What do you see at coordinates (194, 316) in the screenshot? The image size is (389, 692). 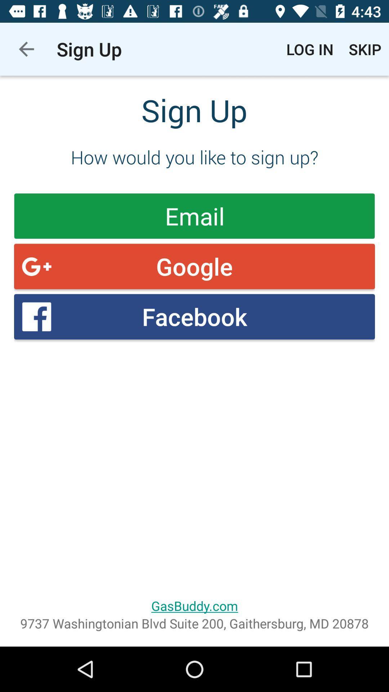 I see `the icon below the google item` at bounding box center [194, 316].